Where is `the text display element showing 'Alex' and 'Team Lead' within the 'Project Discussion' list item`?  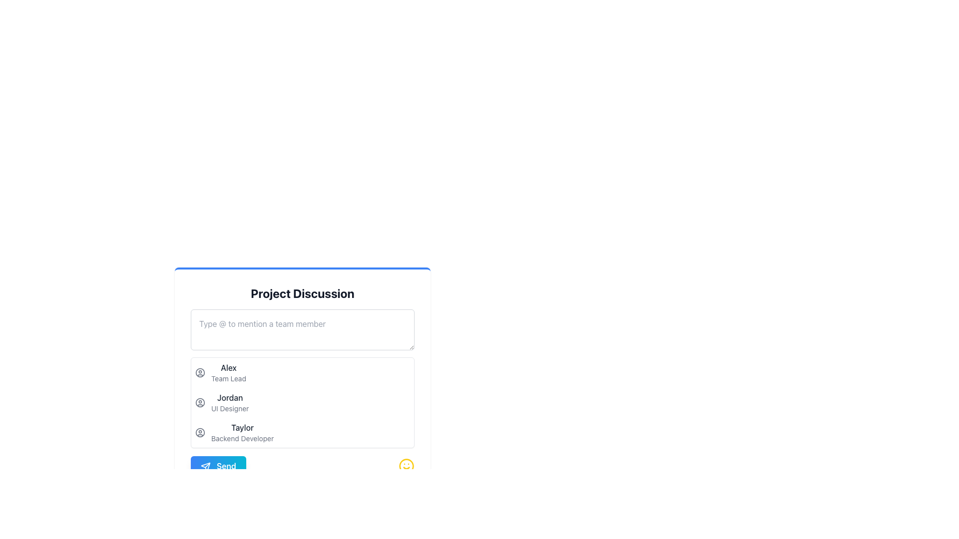
the text display element showing 'Alex' and 'Team Lead' within the 'Project Discussion' list item is located at coordinates (228, 373).